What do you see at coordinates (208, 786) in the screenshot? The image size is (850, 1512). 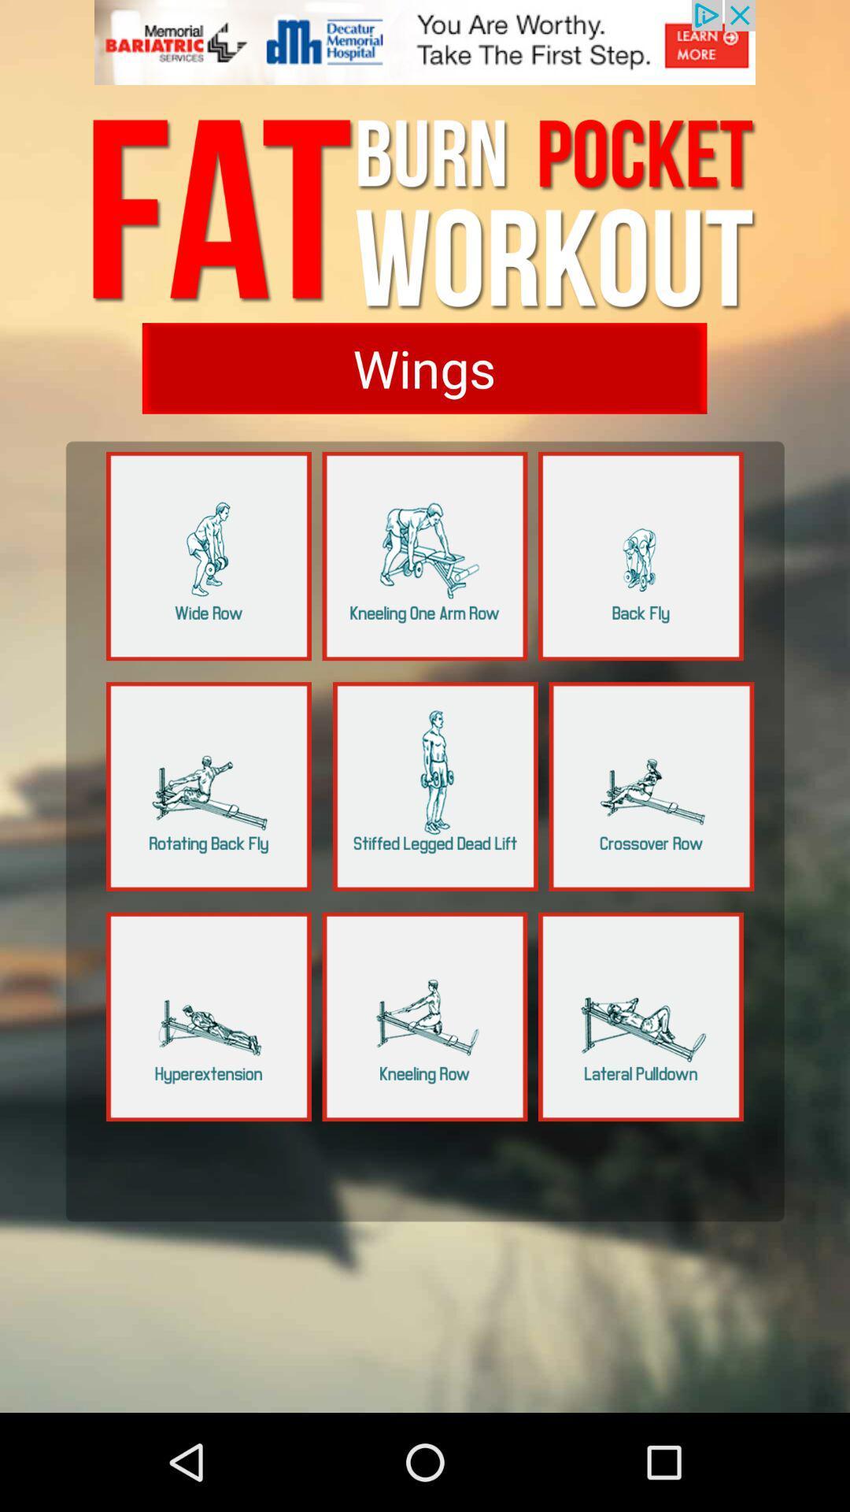 I see `open menu` at bounding box center [208, 786].